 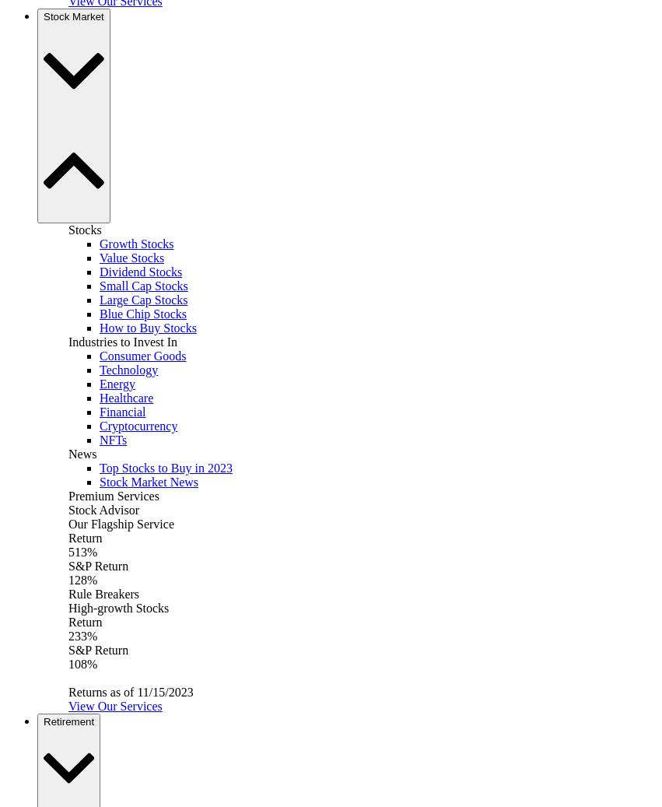 What do you see at coordinates (72, 16) in the screenshot?
I see `'Stock Market'` at bounding box center [72, 16].